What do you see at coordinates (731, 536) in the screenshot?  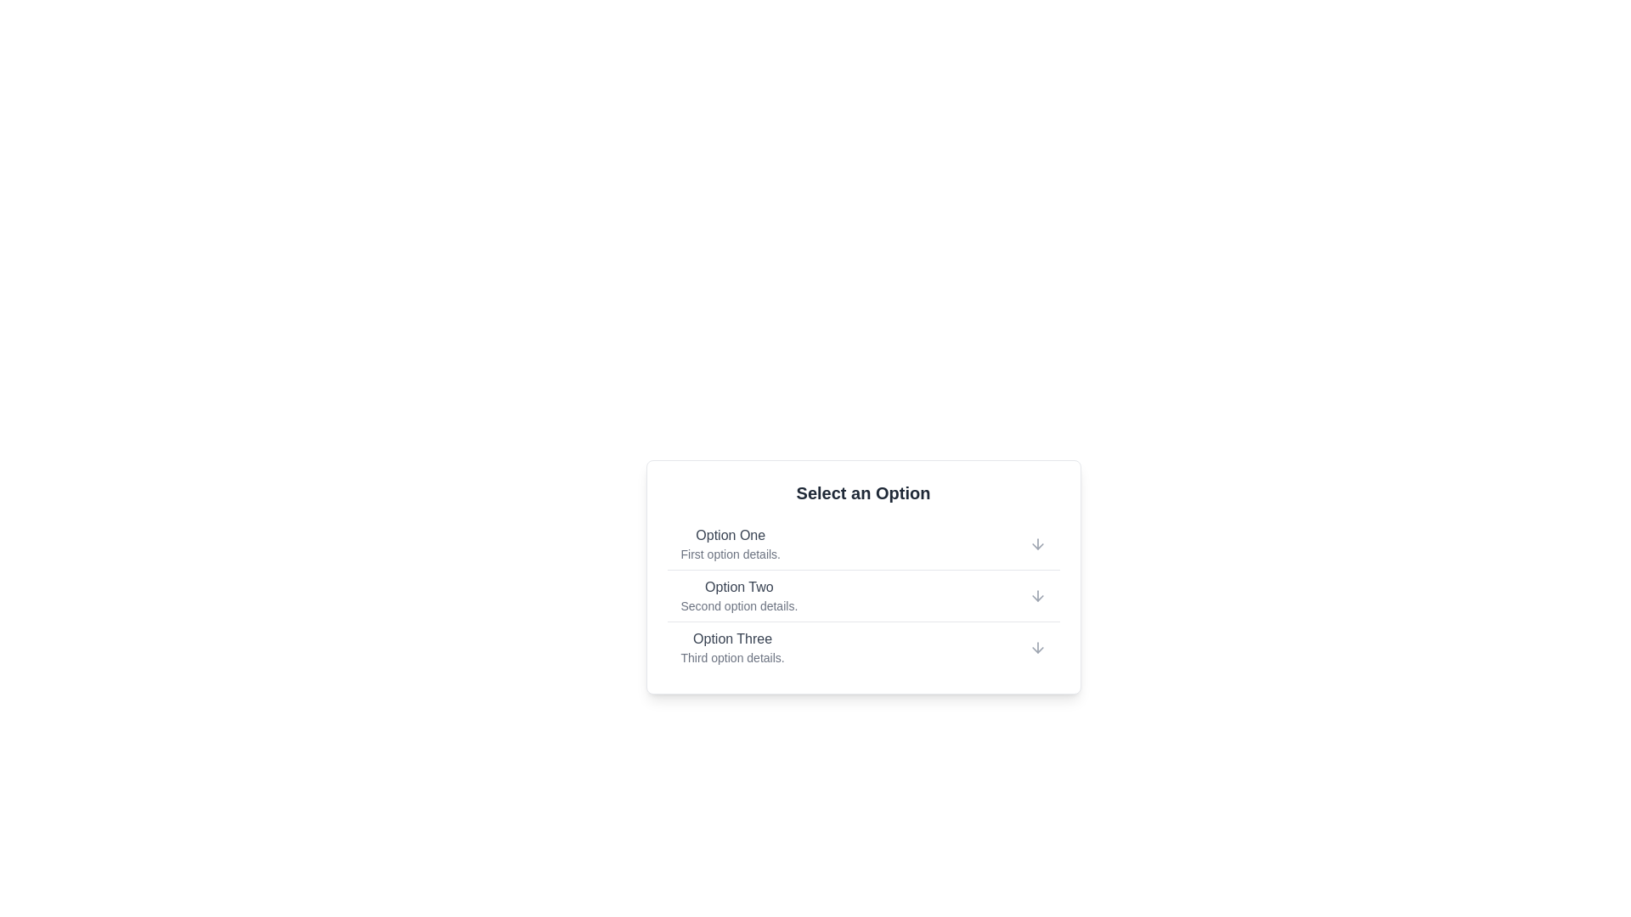 I see `the text label that serves as the title for the first selectable option in the list, located at the top-left of the centered option selection box` at bounding box center [731, 536].